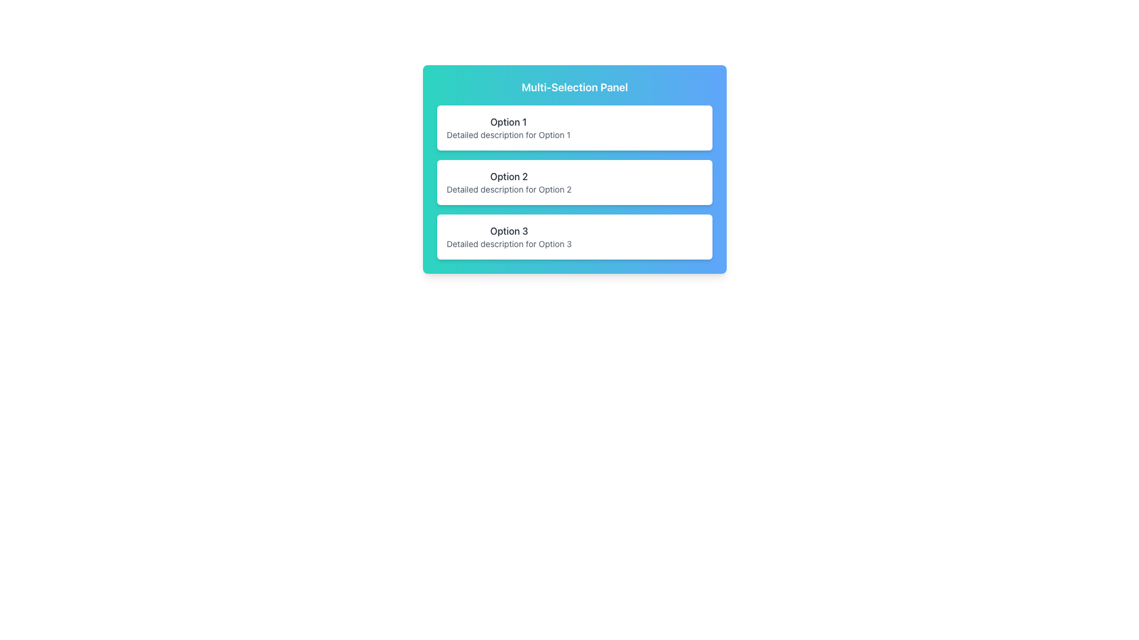 The width and height of the screenshot is (1139, 640). Describe the element at coordinates (509, 237) in the screenshot. I see `the third item in the vertically stacked list within the 'Multi-Selection Panel' section that presents a choice with a title and a description` at that location.